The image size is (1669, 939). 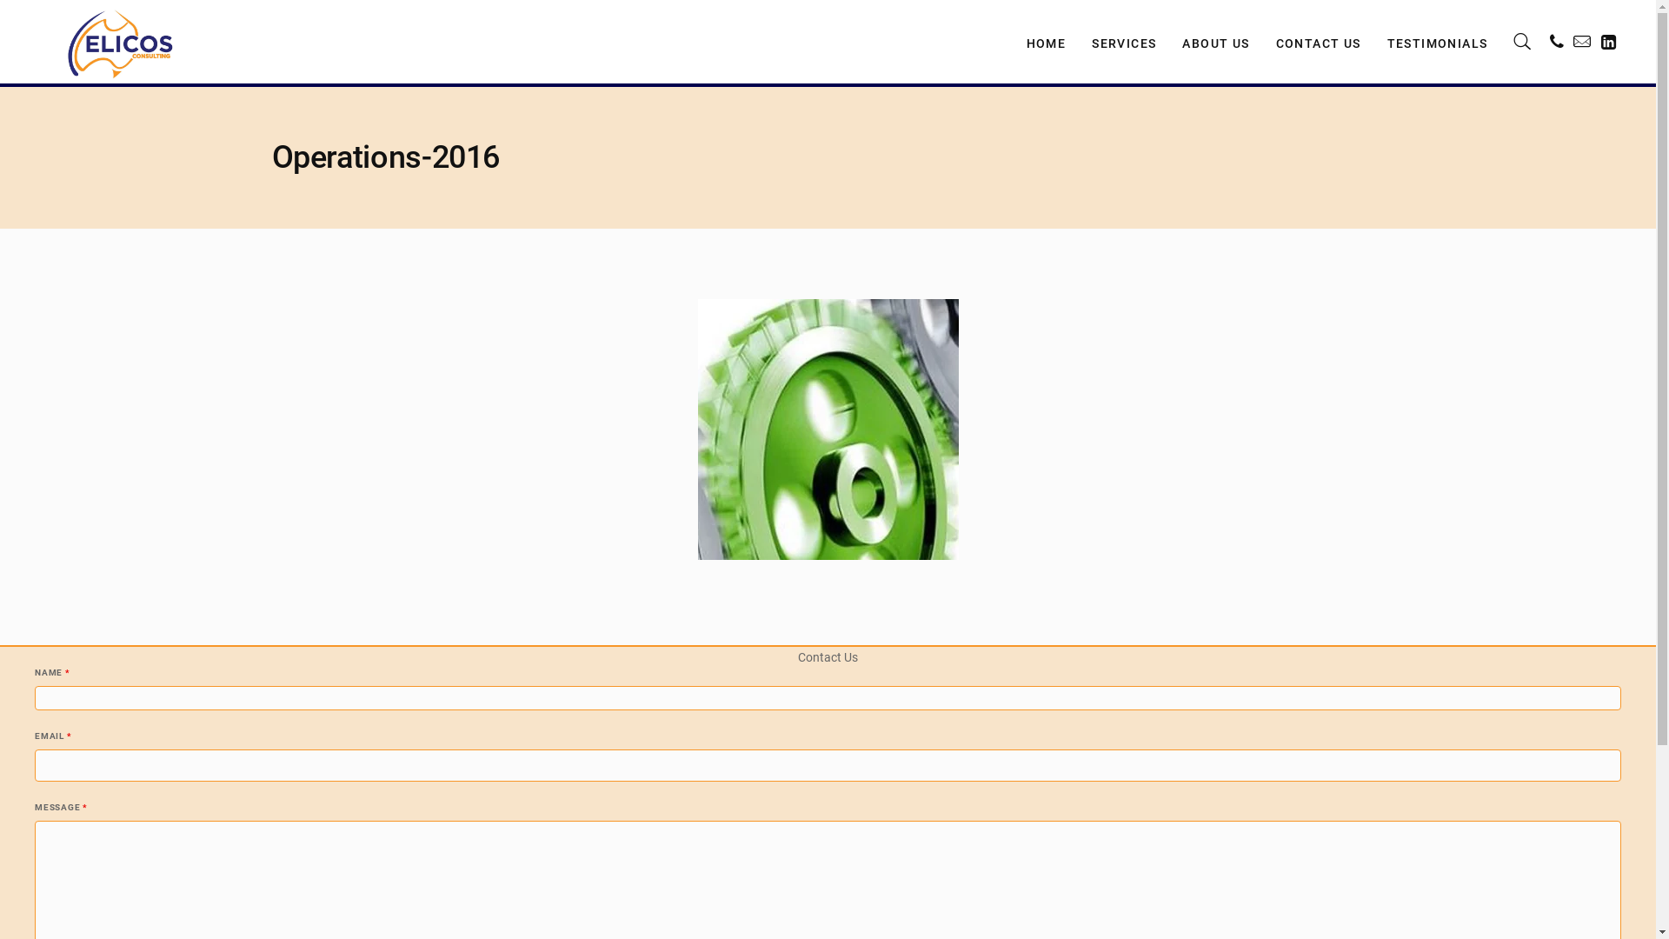 What do you see at coordinates (1318, 40) in the screenshot?
I see `'CONTACT US'` at bounding box center [1318, 40].